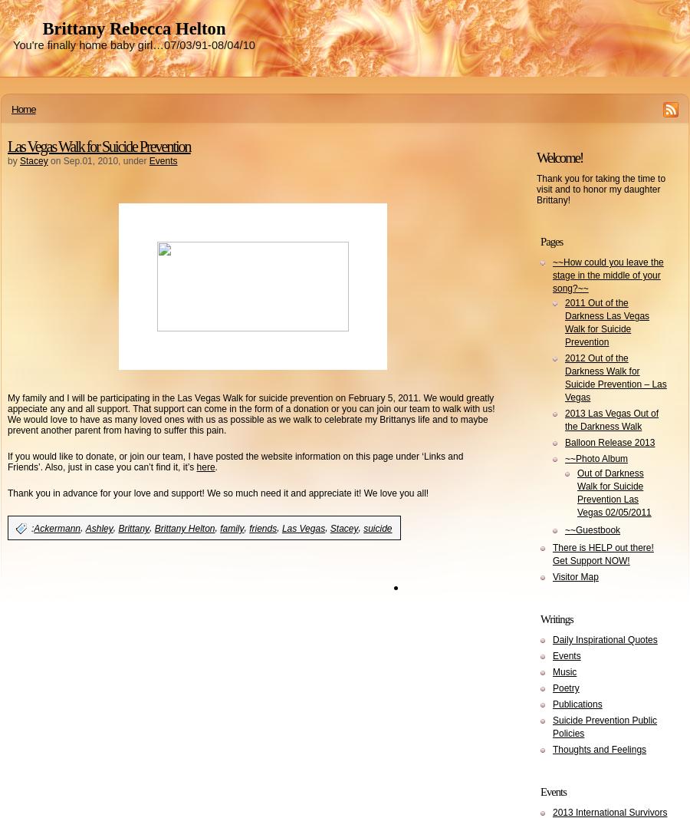 This screenshot has height=818, width=690. I want to click on 'My family and I will be participating in the Las Vegas Walk for suicide prevention on February 5, 2011. We would greatly appeciate any and all support. That support can come in the form of a donation or you can join our team to walk with us! We would love to have as many loved ones with us as possible as we walk to celebrate my Brittanys life and to maybe prevent another parent from having to suffer this pain.', so click(250, 414).